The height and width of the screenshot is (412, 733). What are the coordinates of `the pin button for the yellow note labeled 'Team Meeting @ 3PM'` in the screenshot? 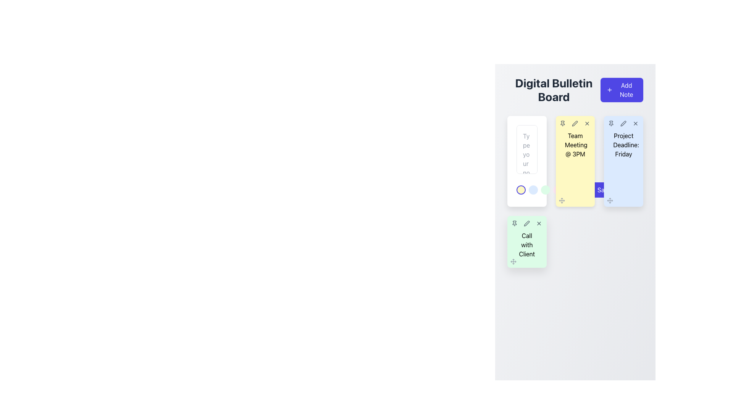 It's located at (563, 123).